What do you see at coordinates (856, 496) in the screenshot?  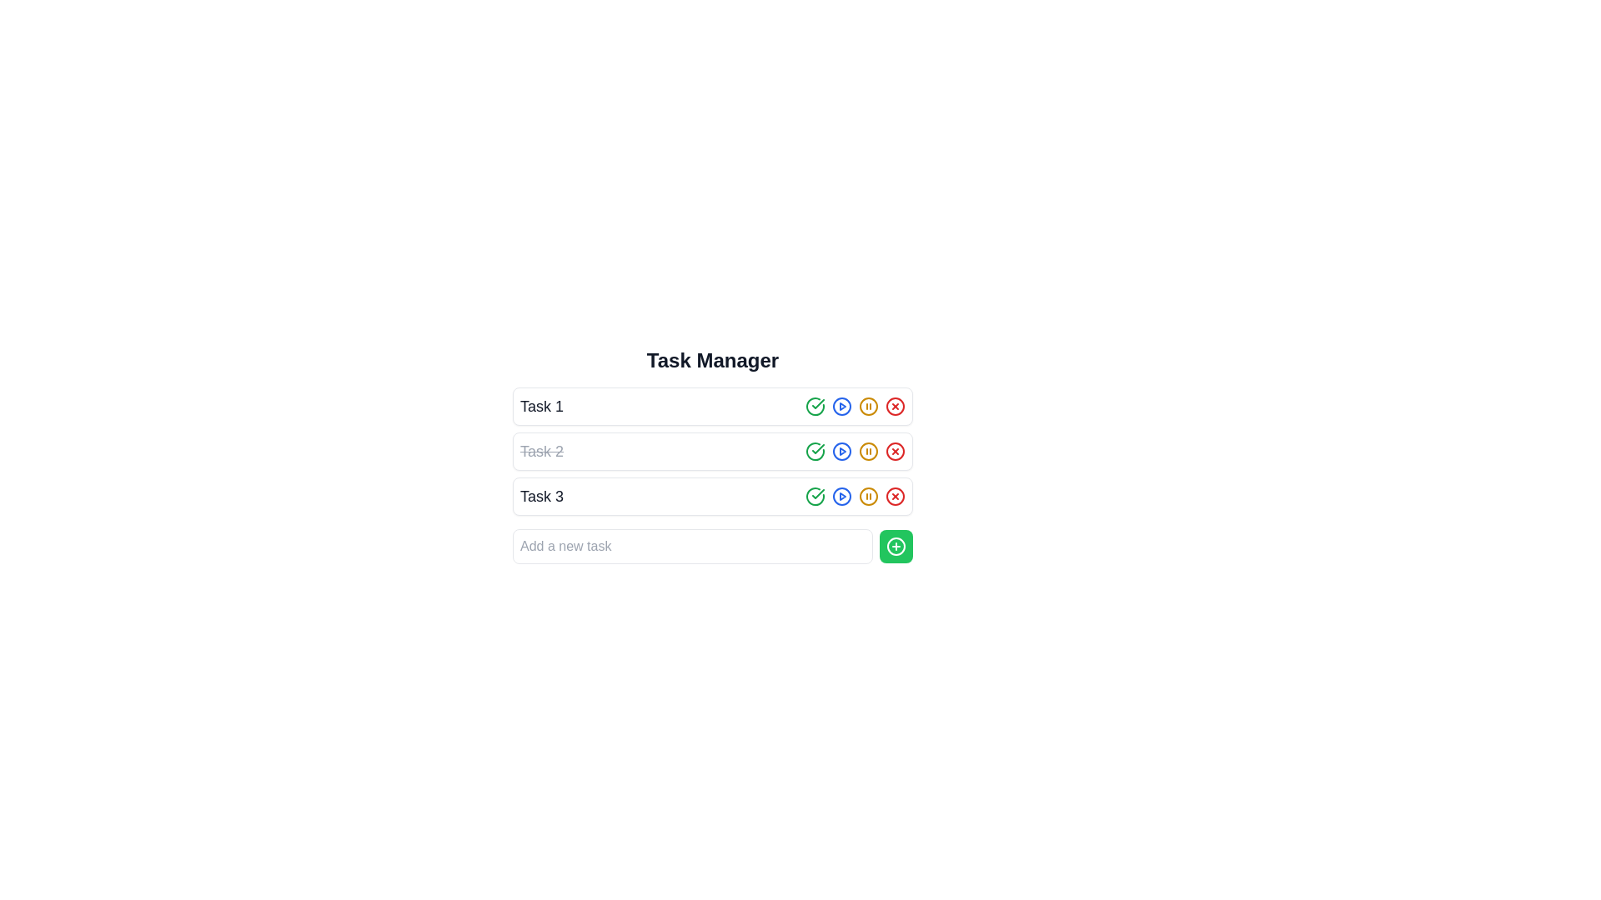 I see `the green checkmark button located in the button group to the right of the 'Task 3' label to mark the task as complete` at bounding box center [856, 496].